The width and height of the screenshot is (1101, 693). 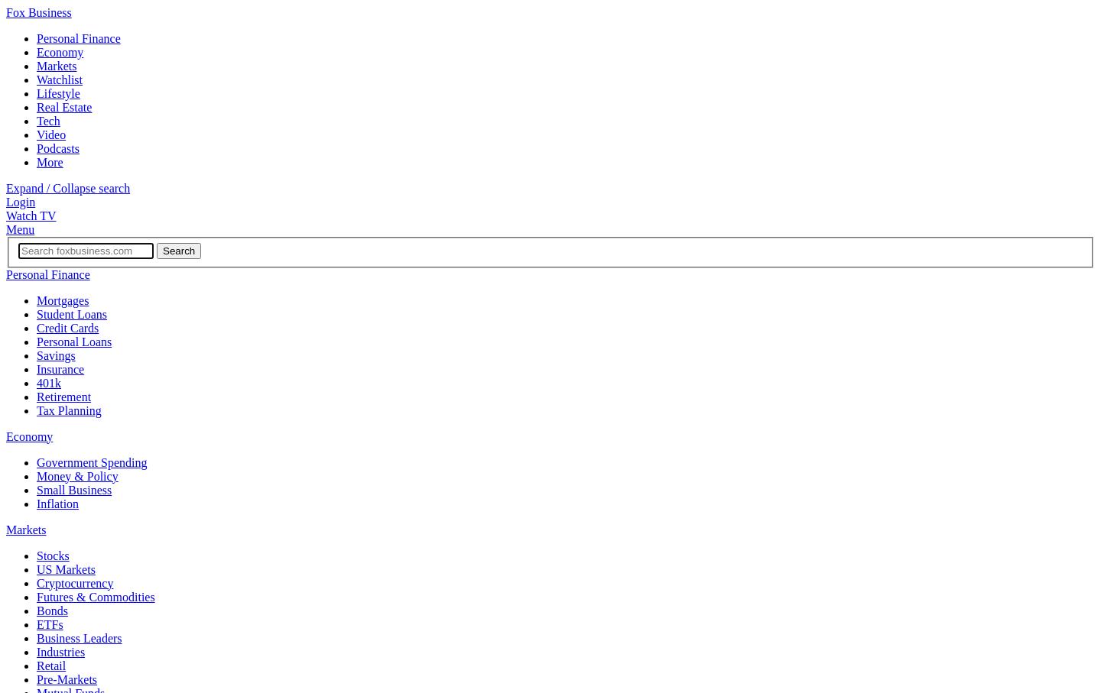 What do you see at coordinates (49, 623) in the screenshot?
I see `'ETFs'` at bounding box center [49, 623].